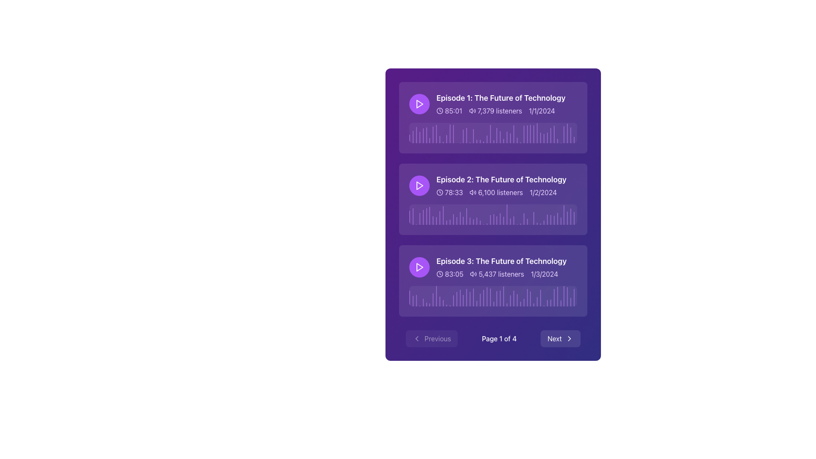  What do you see at coordinates (574, 139) in the screenshot?
I see `the last vertical line in the waveform visualization, which serves as a timestamp or marker` at bounding box center [574, 139].